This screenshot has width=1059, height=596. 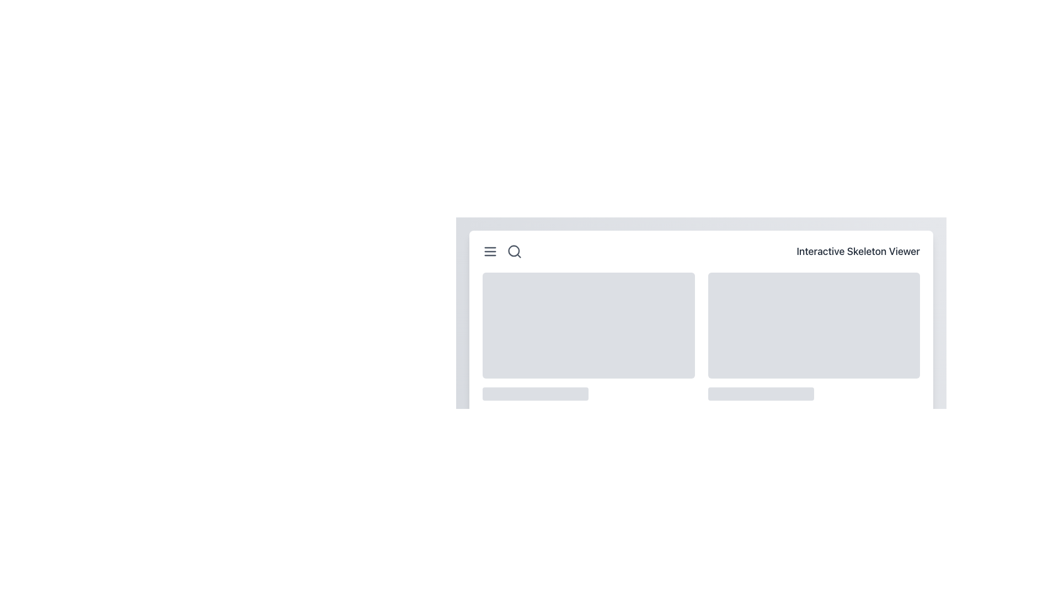 What do you see at coordinates (513, 251) in the screenshot?
I see `the inner circular part of the magnifying glass icon located near the top-left corner of the application interface, which is styled in a subdued grayish color and is part of the search function` at bounding box center [513, 251].